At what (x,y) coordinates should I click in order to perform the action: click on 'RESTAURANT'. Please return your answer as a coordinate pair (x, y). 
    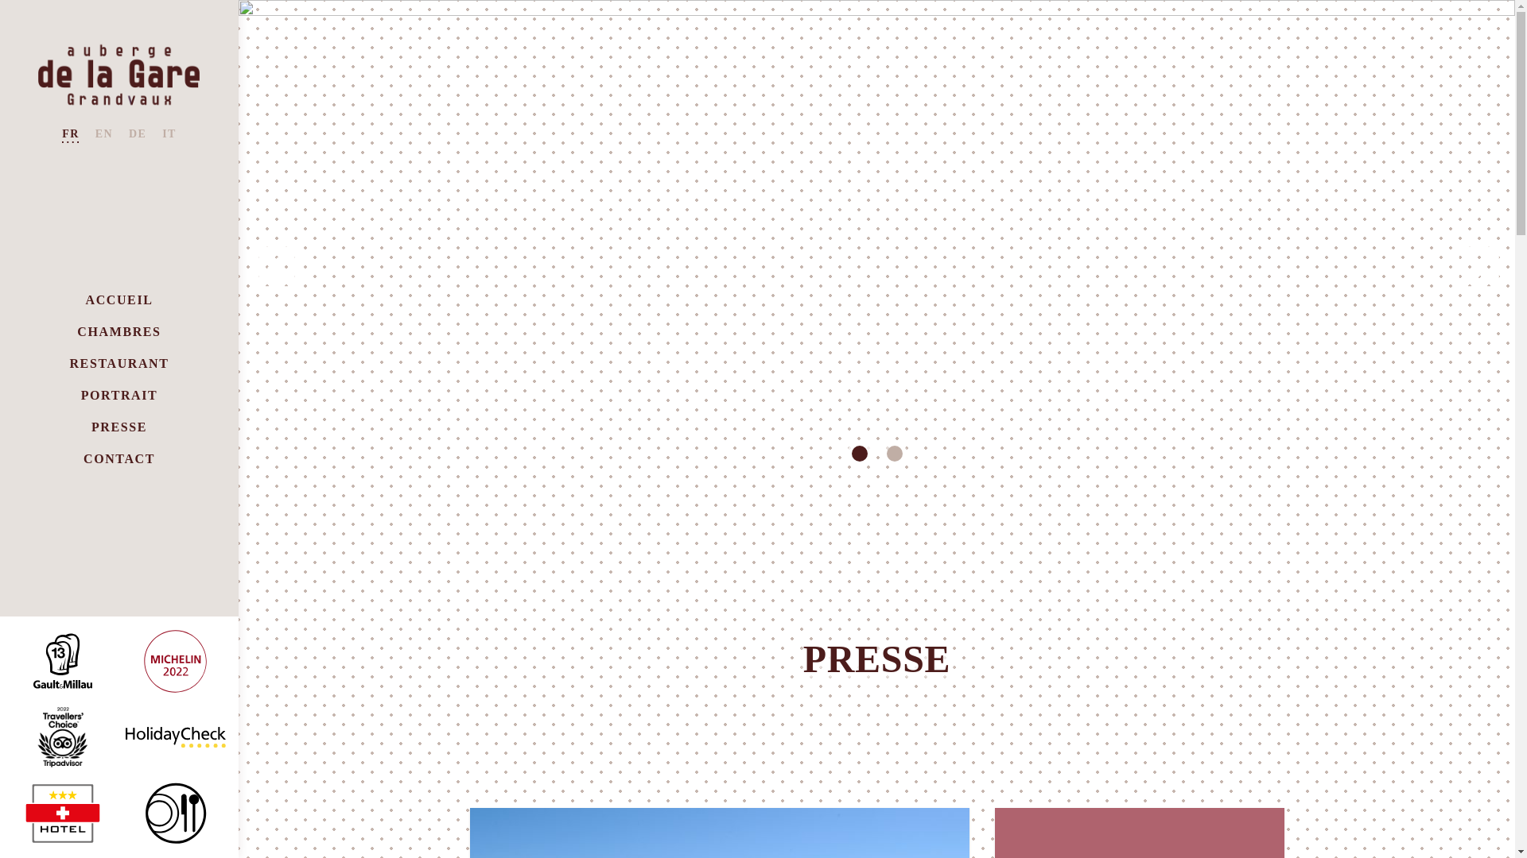
    Looking at the image, I should click on (68, 364).